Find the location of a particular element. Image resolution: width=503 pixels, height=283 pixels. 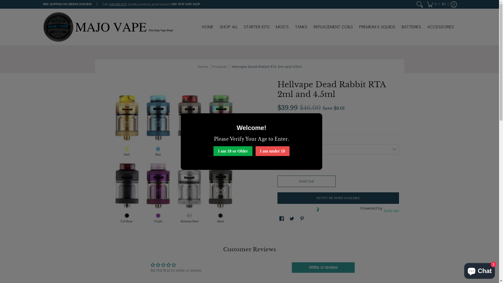

'SHOP ALL' is located at coordinates (228, 27).